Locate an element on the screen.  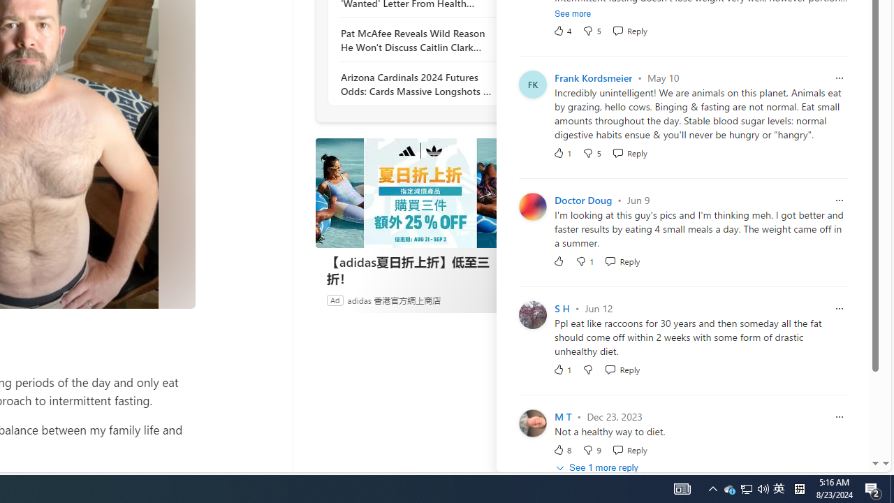
'4 Like' is located at coordinates (562, 30).